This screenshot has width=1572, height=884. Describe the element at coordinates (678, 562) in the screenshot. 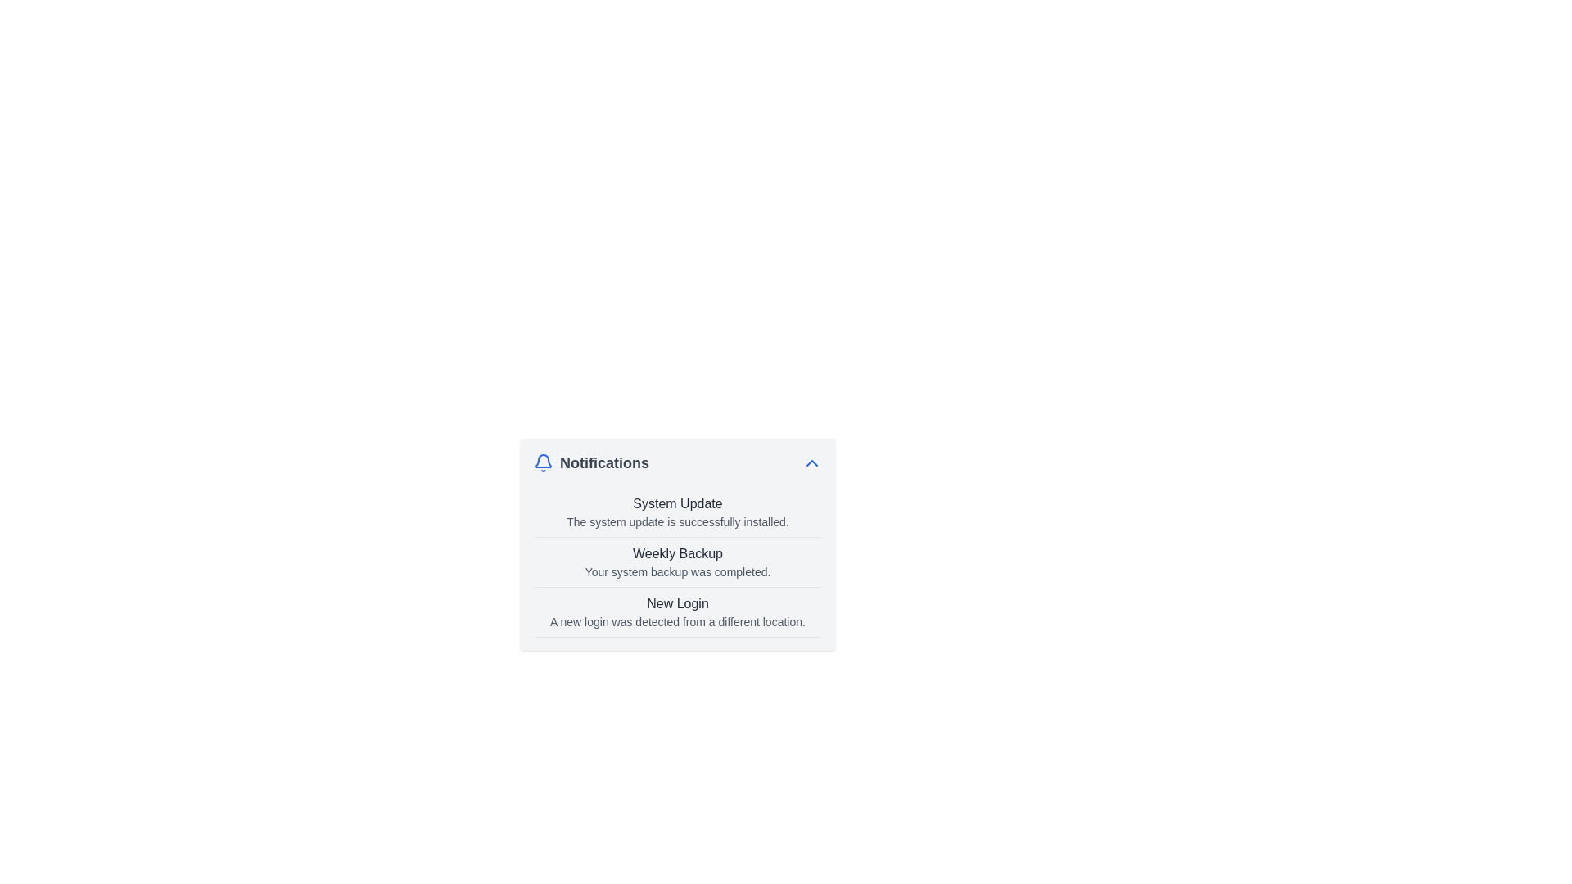

I see `the 'Weekly Backup' notification entry` at that location.